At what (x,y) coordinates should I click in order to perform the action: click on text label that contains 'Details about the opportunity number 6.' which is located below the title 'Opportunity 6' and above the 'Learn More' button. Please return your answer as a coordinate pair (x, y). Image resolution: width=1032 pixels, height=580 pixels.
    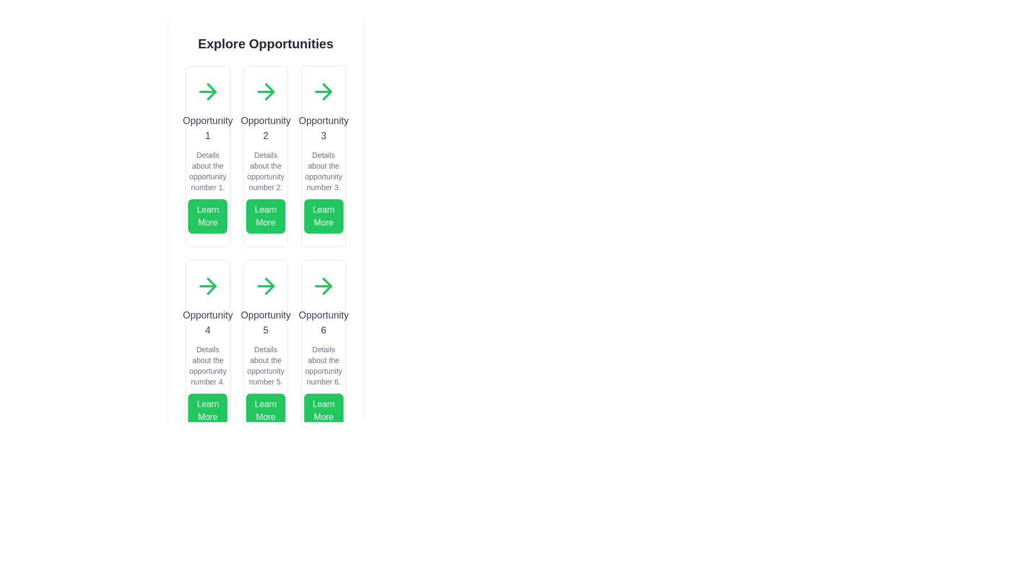
    Looking at the image, I should click on (323, 365).